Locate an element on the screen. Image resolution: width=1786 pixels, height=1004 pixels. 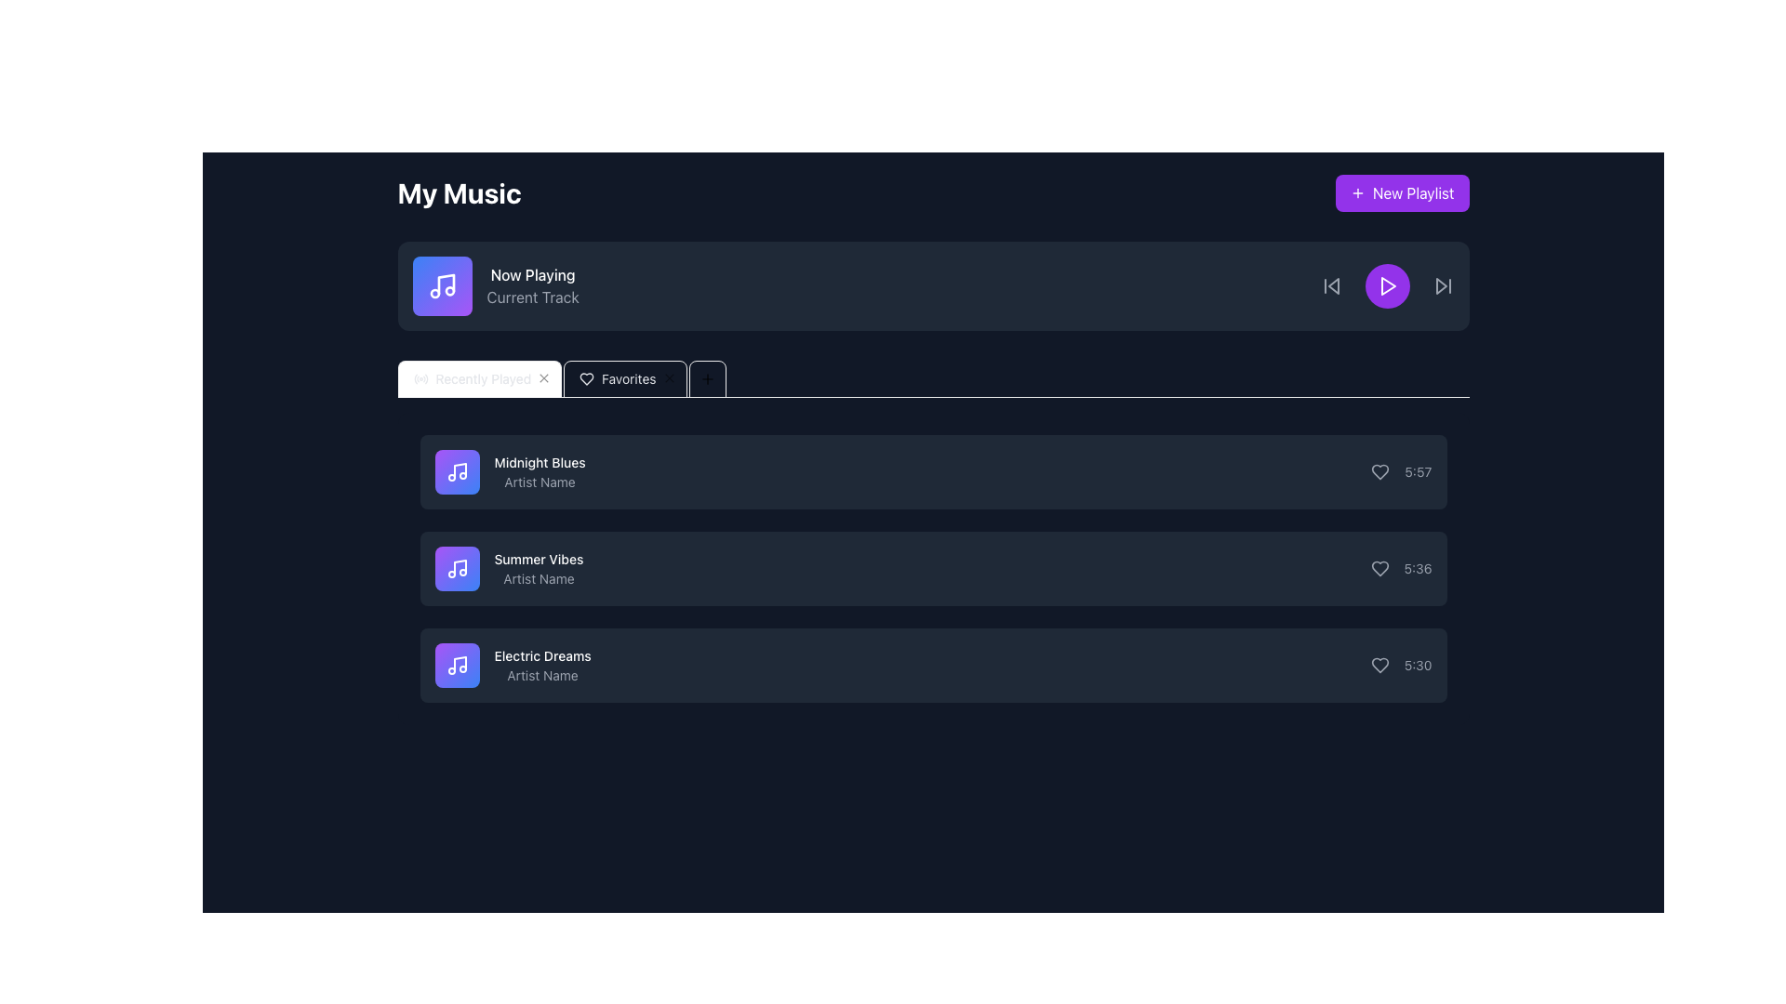
the SVG icon representing the musical note for the song entry titled 'Summer Vibes', located in the second row of the music list is located at coordinates (460, 566).